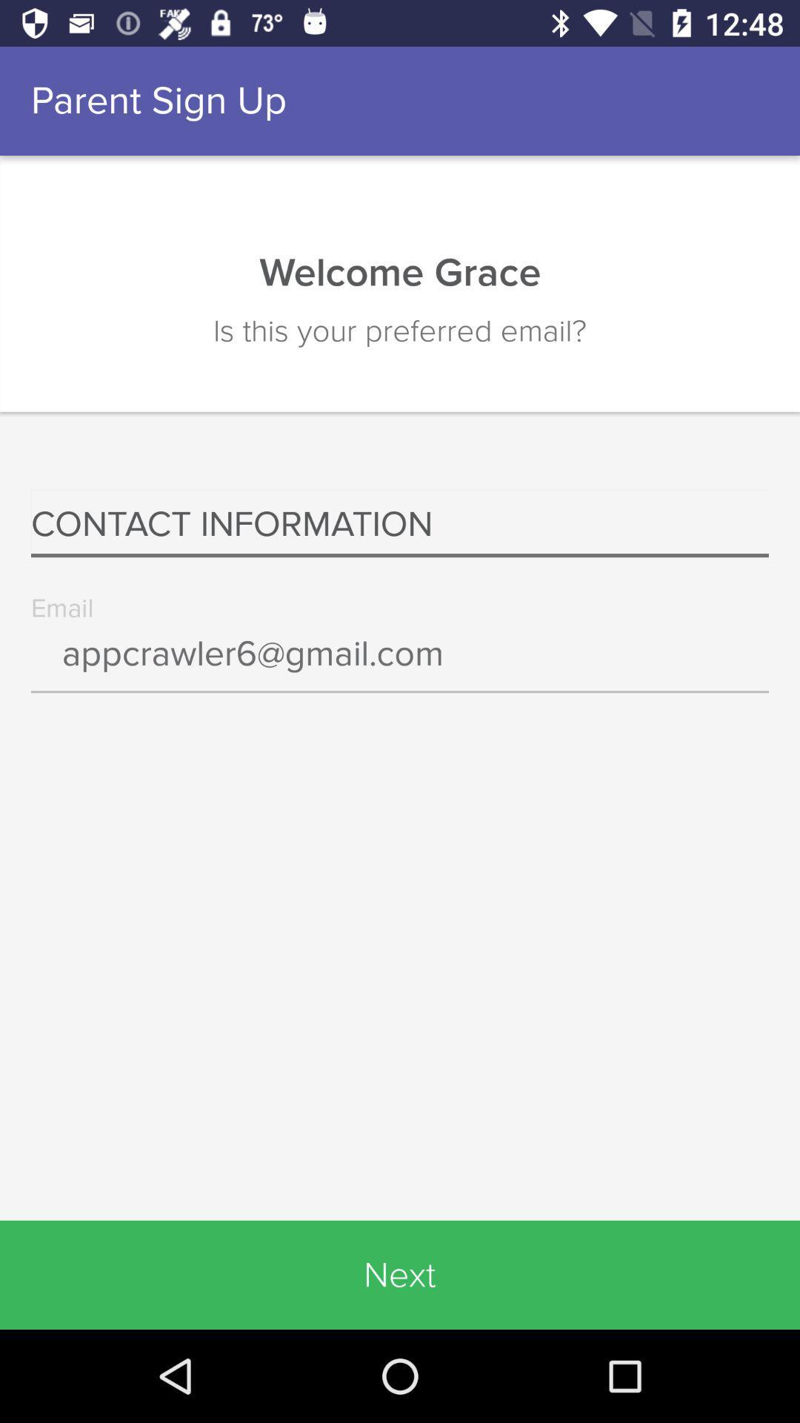  Describe the element at coordinates (400, 663) in the screenshot. I see `icon above the next icon` at that location.